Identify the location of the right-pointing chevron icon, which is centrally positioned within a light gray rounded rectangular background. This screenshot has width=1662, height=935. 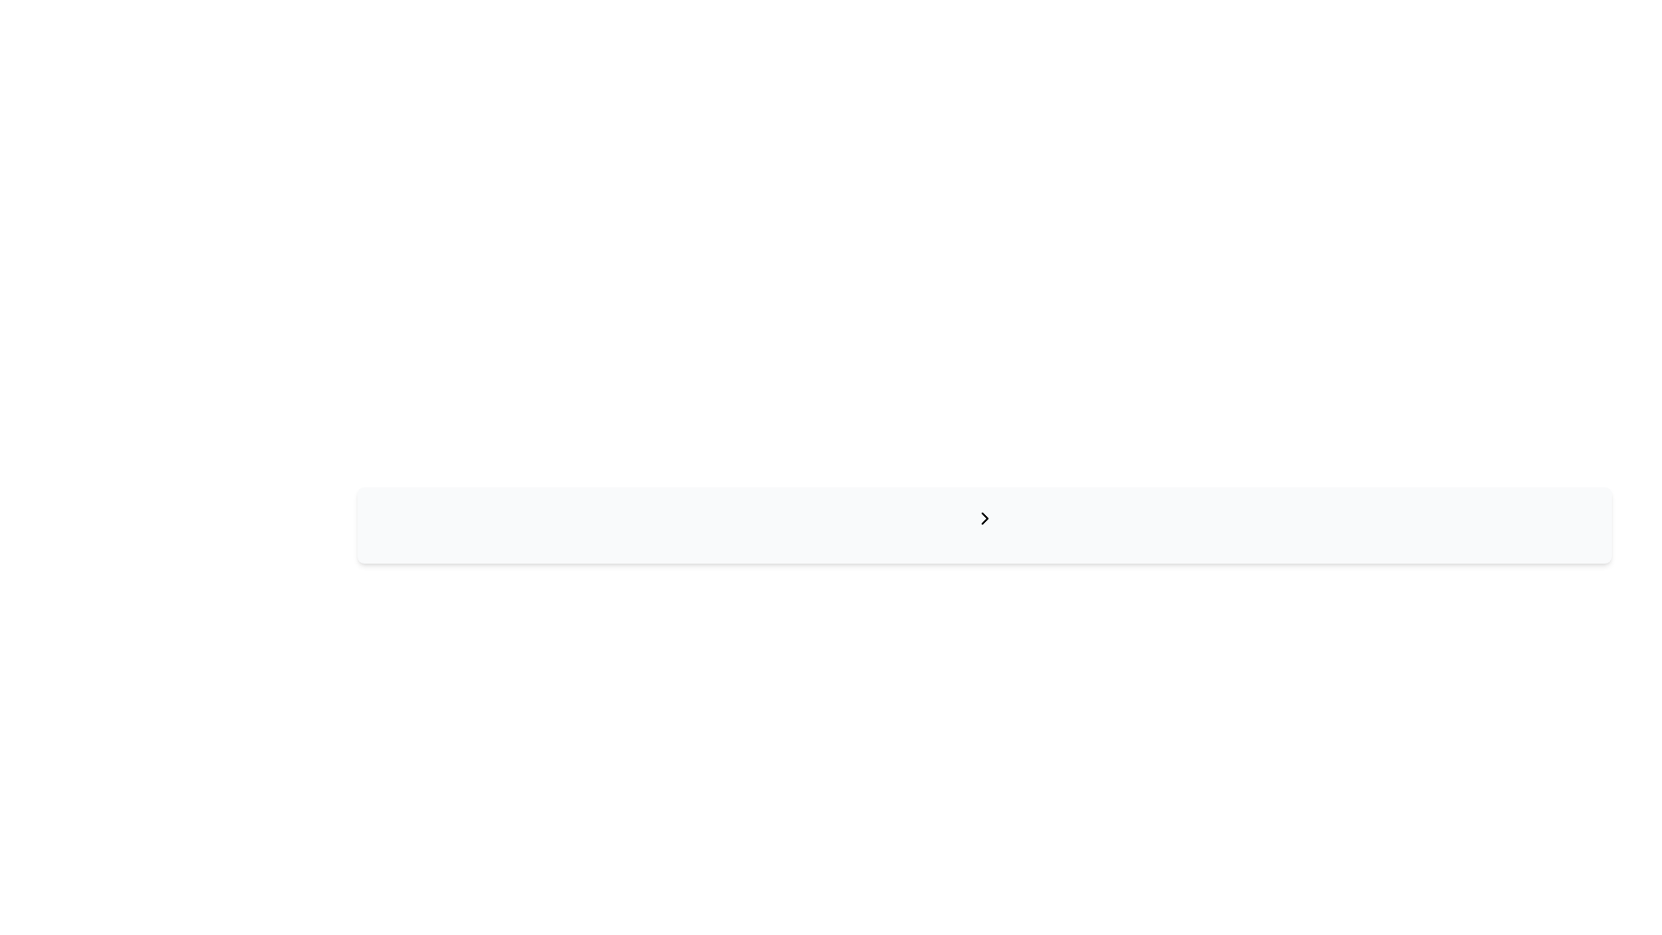
(984, 517).